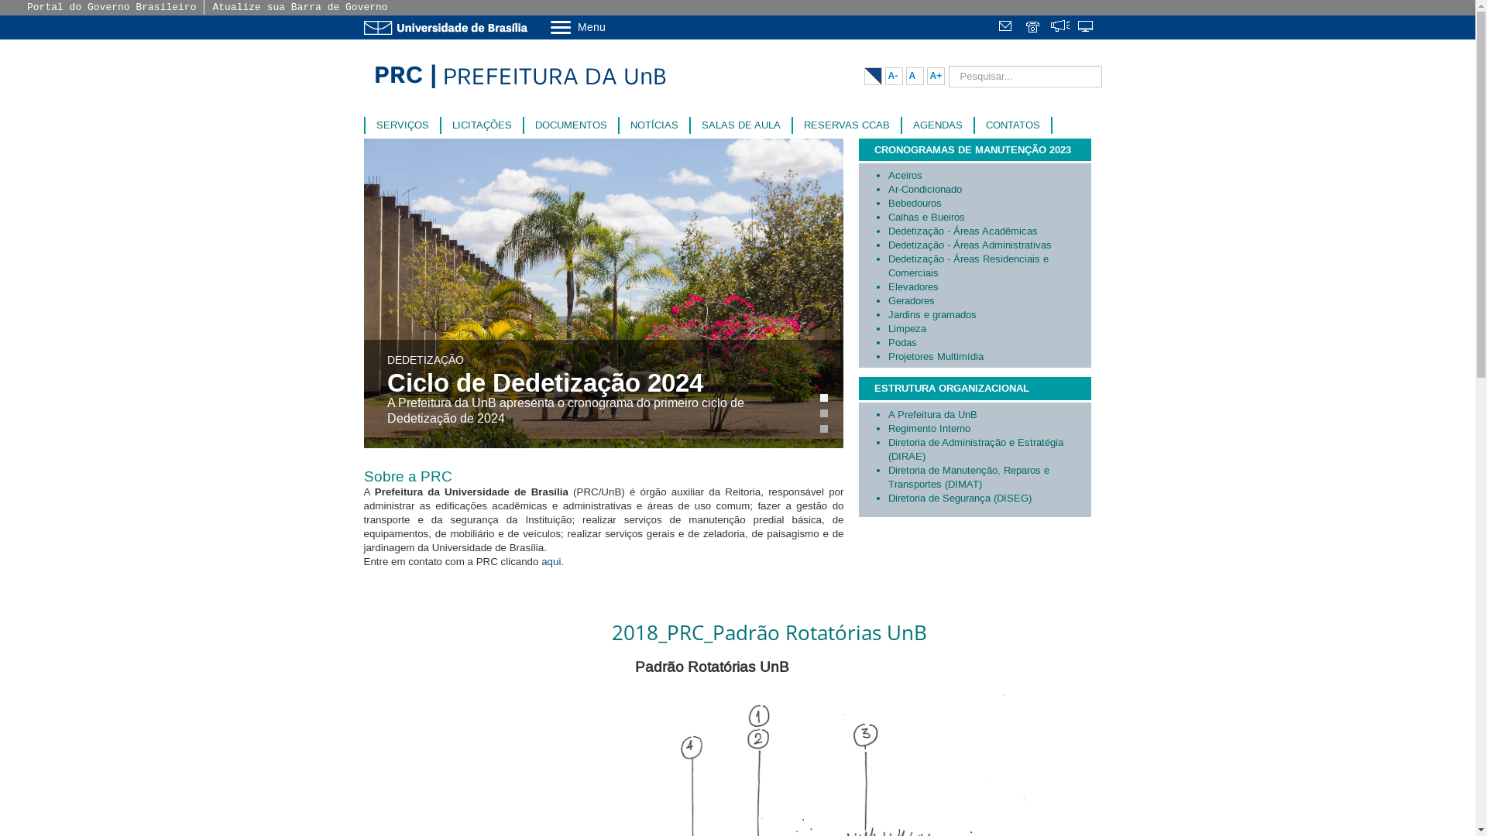 The width and height of the screenshot is (1487, 836). I want to click on ' ', so click(1084, 28).